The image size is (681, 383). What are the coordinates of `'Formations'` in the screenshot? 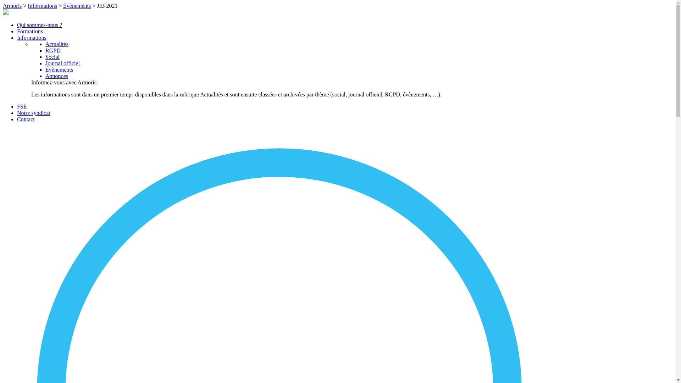 It's located at (29, 31).